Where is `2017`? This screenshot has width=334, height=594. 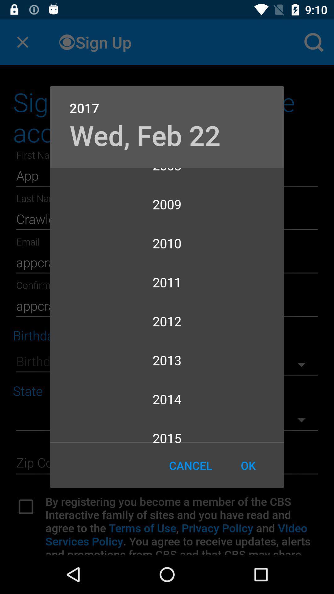
2017 is located at coordinates (167, 101).